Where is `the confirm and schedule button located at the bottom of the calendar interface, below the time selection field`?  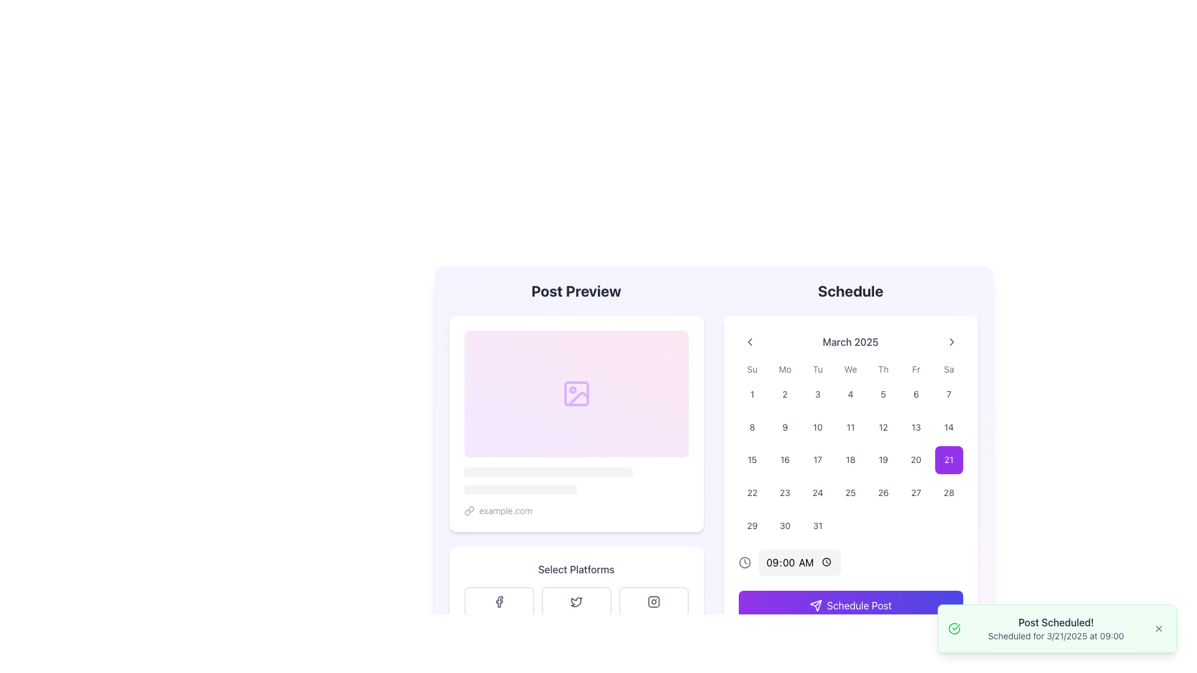 the confirm and schedule button located at the bottom of the calendar interface, below the time selection field is located at coordinates (850, 604).